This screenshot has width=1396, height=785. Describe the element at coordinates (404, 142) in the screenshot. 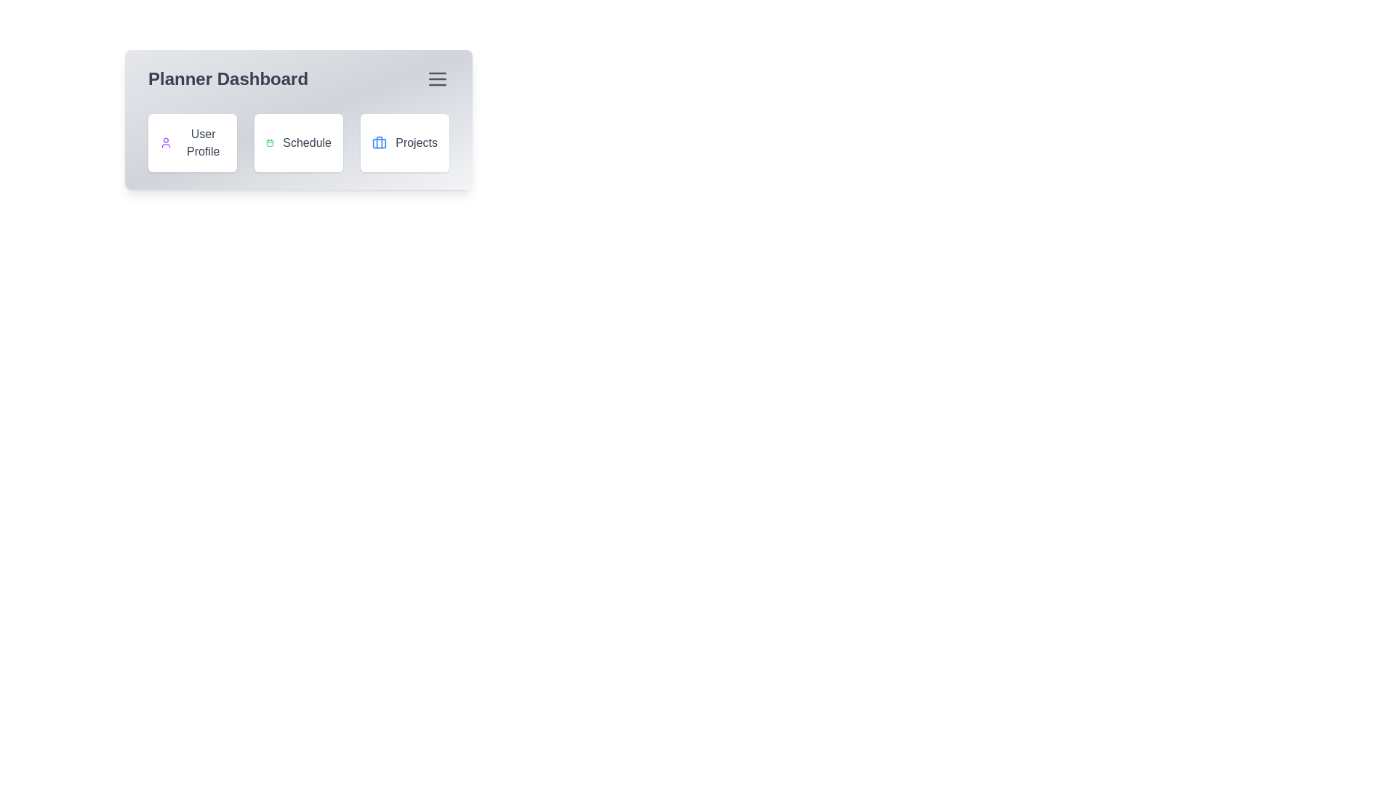

I see `the 'Projects' button` at that location.